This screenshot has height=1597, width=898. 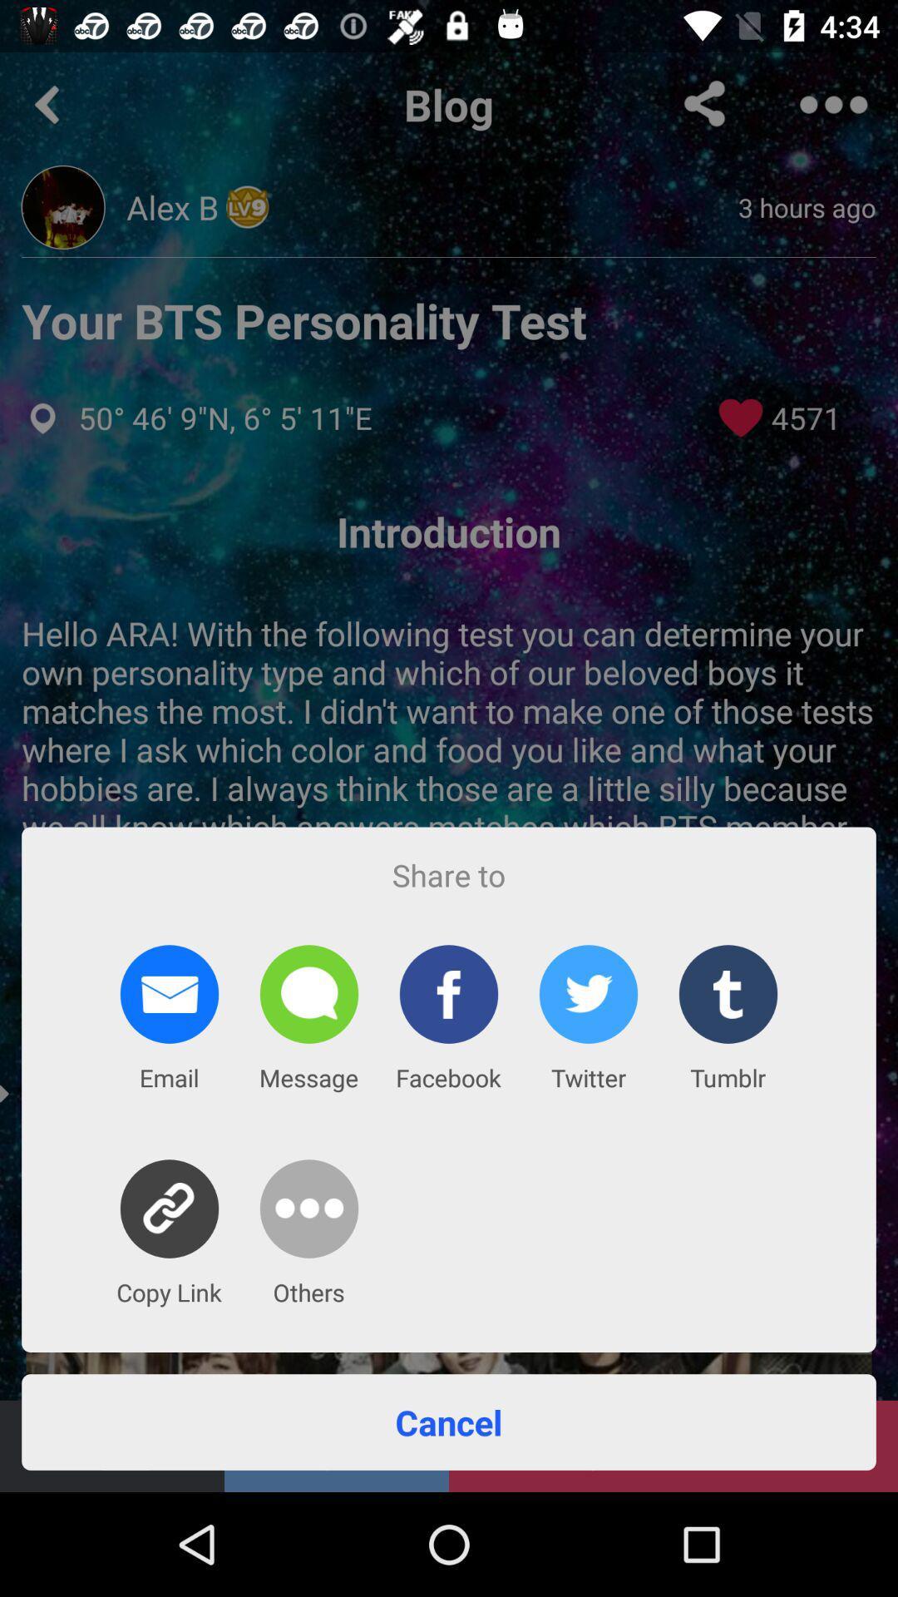 What do you see at coordinates (308, 1209) in the screenshot?
I see `the symbol which is immediately above others` at bounding box center [308, 1209].